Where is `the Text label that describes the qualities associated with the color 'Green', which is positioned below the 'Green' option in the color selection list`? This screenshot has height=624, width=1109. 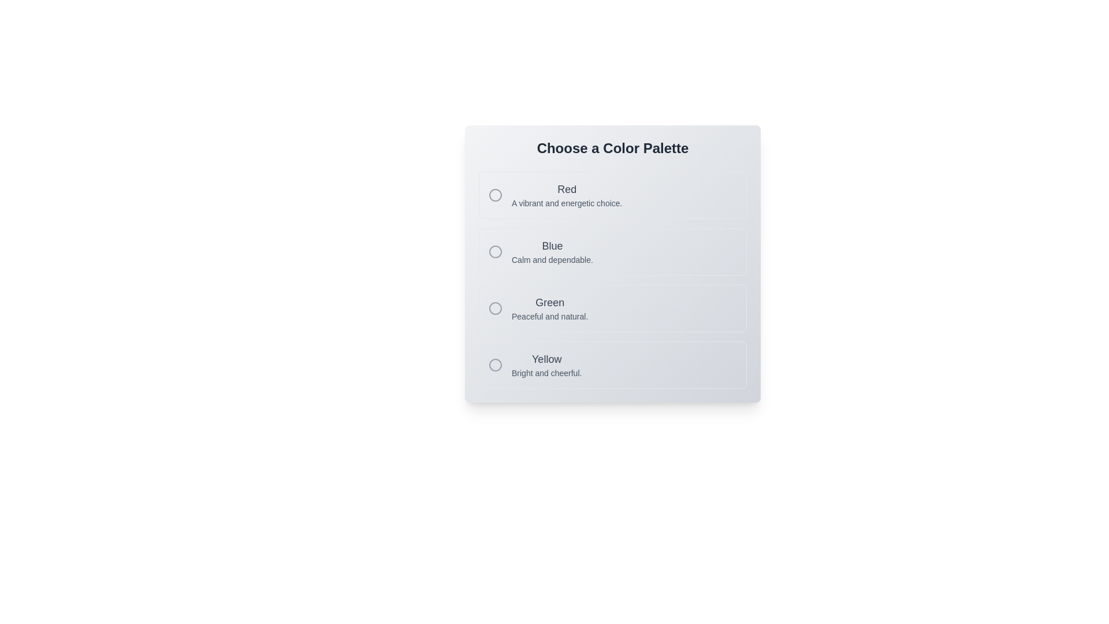
the Text label that describes the qualities associated with the color 'Green', which is positioned below the 'Green' option in the color selection list is located at coordinates (549, 316).